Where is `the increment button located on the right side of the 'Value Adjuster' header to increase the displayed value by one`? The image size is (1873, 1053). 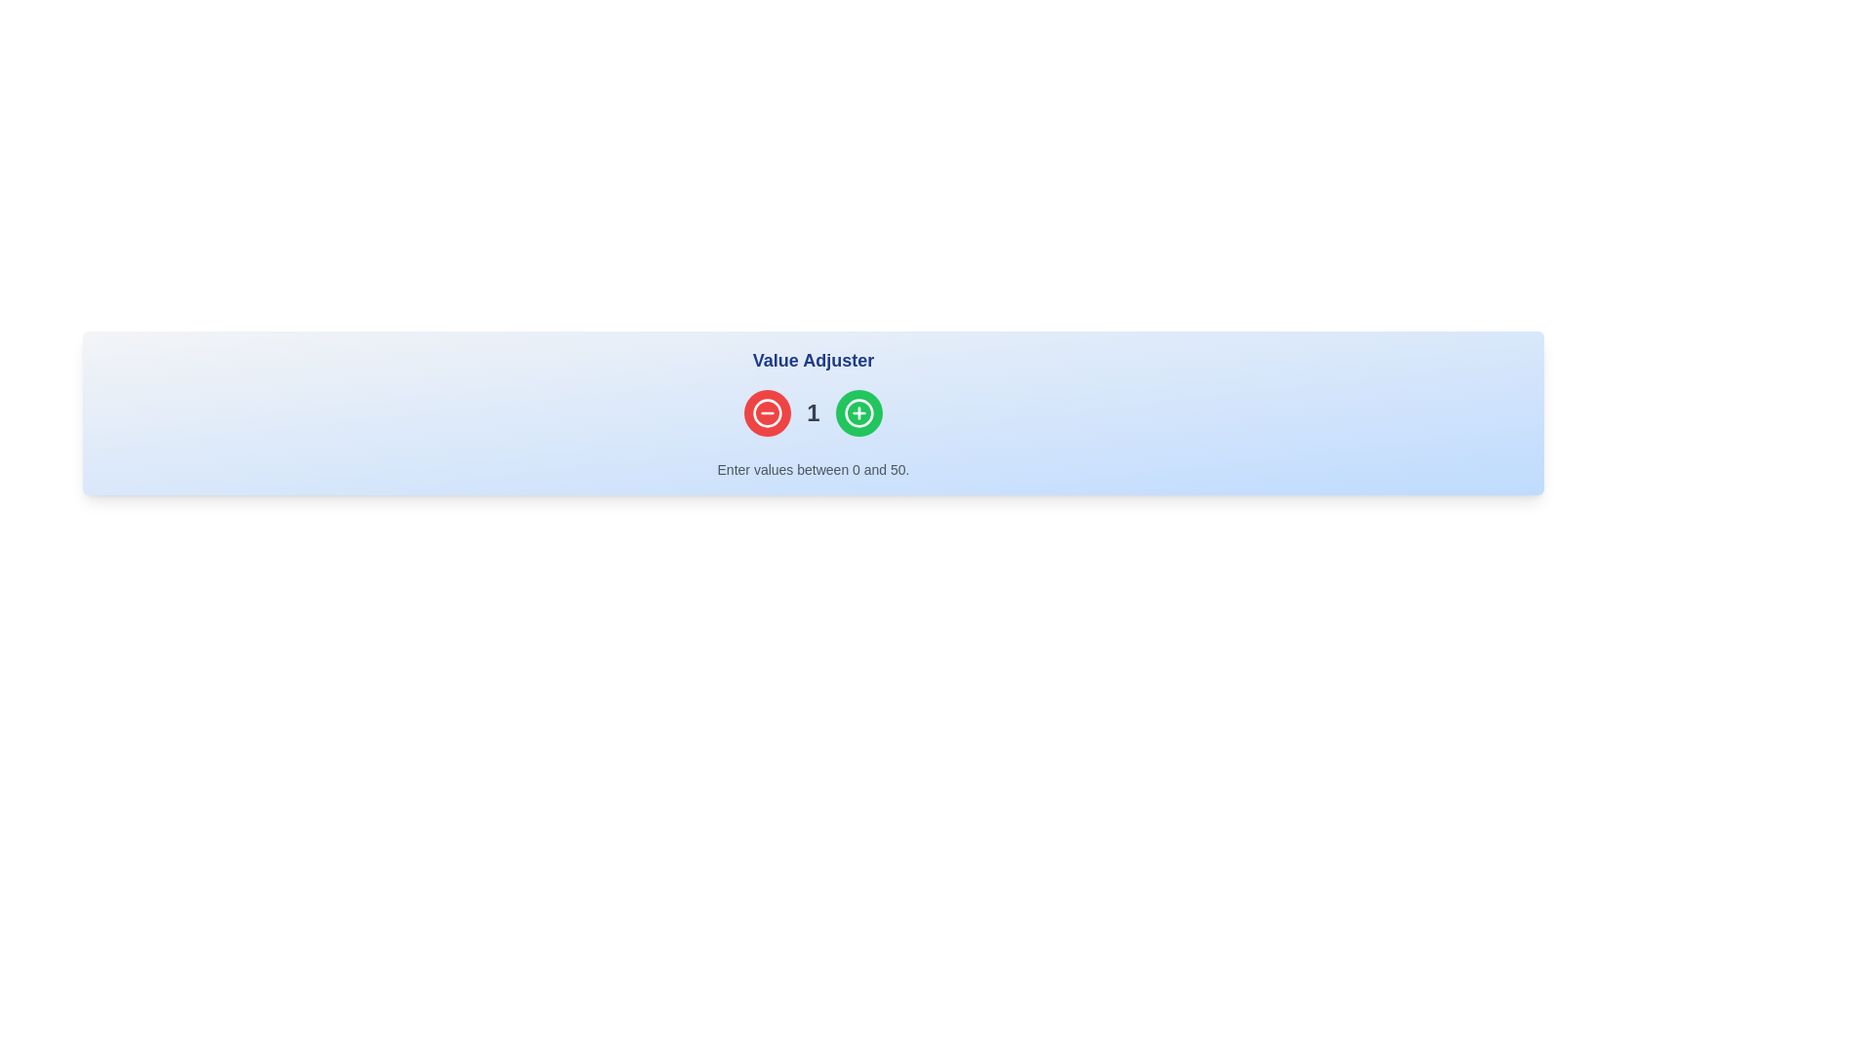 the increment button located on the right side of the 'Value Adjuster' header to increase the displayed value by one is located at coordinates (858, 412).